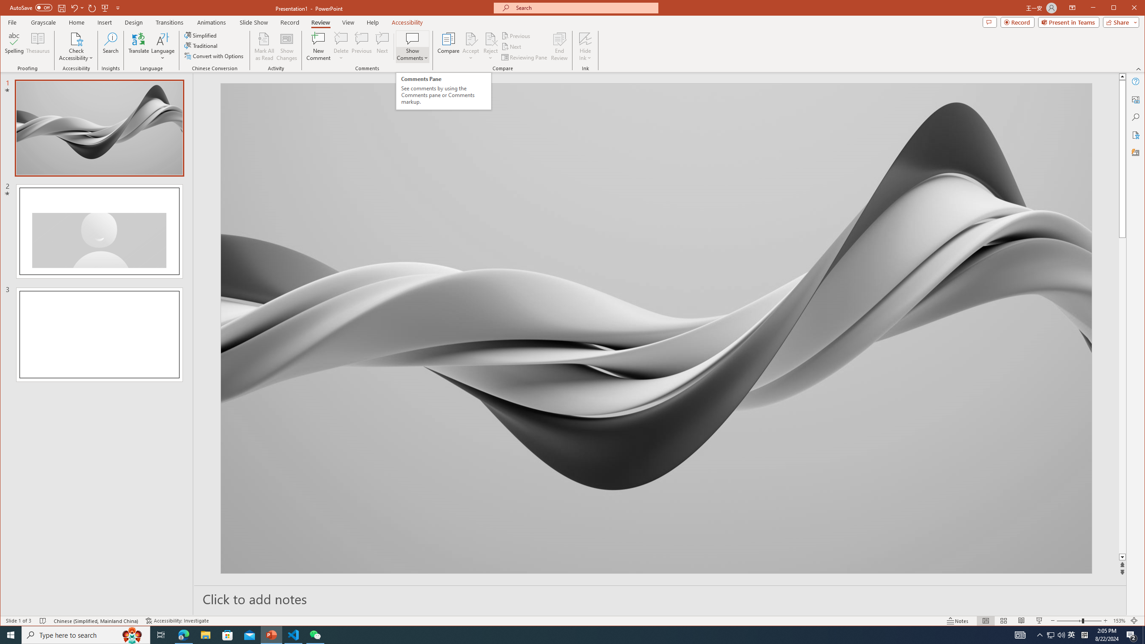  What do you see at coordinates (525, 57) in the screenshot?
I see `'Reviewing Pane'` at bounding box center [525, 57].